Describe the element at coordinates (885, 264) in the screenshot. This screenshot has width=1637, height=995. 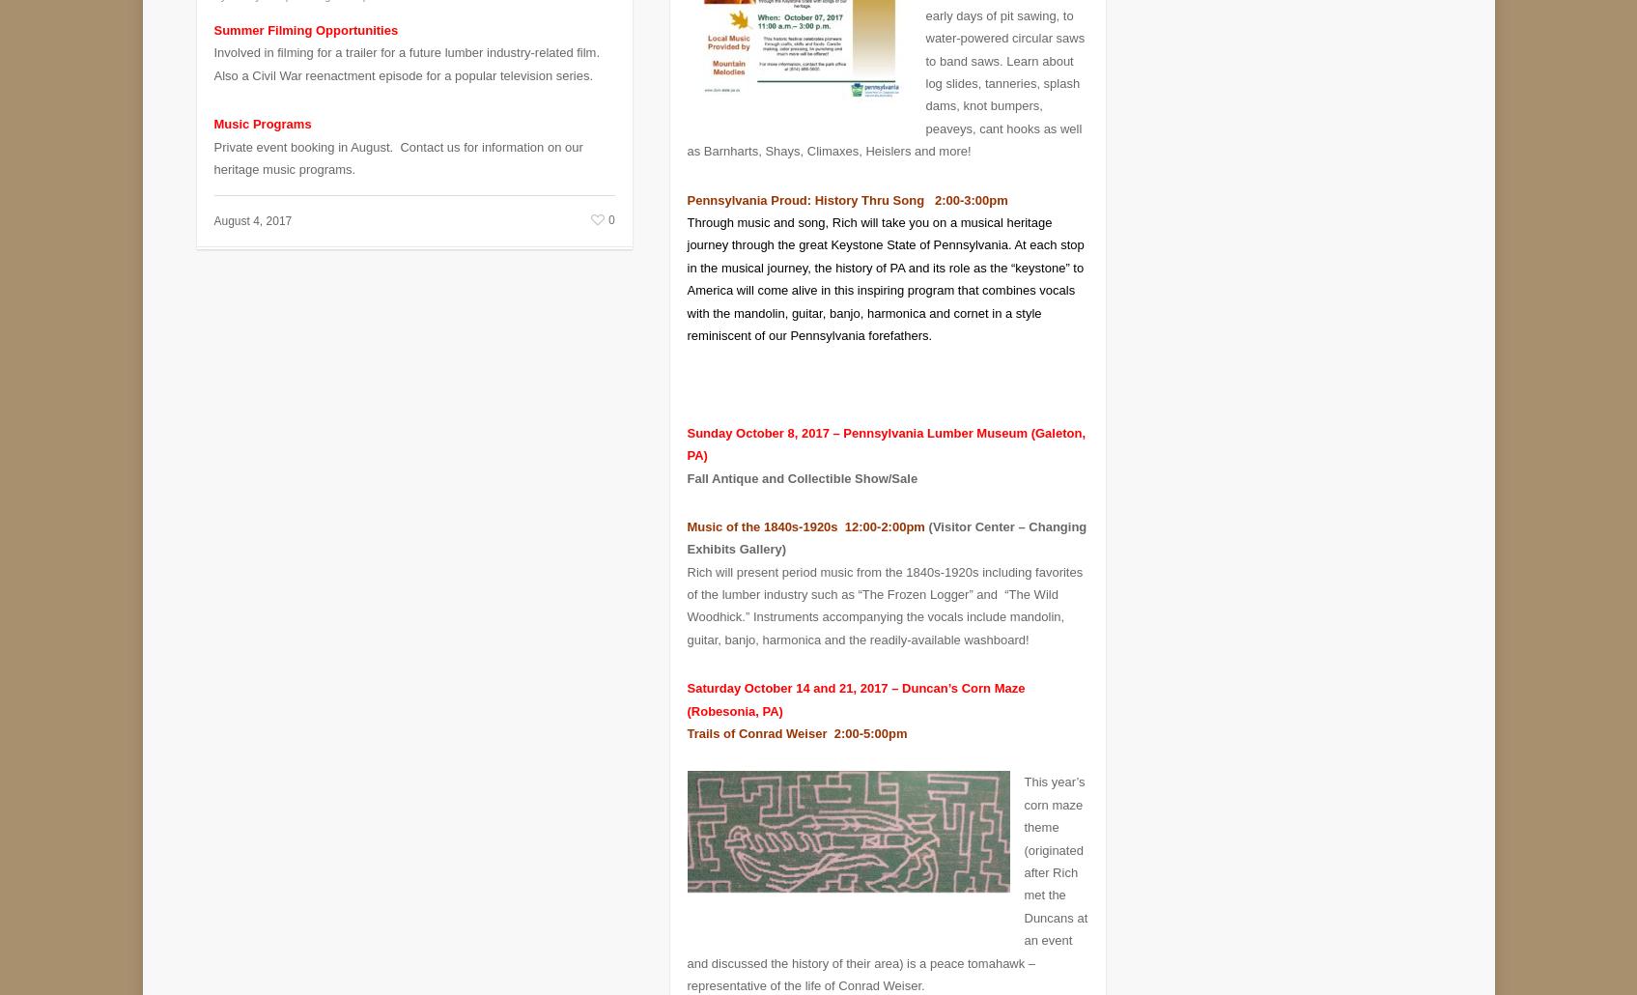
I see `'Through music and song, Rich will take you on a musical heritage journey through the great Keystone State of Pennsylvania. At each stop in the musical journey, the history of PA and its role as the “keystone” to America will come alive in this inspiring program that combines vocals with the mandolin, guitar, banjo, harmonica and cornet in a style reminiscent of our Pennsylvania forefathers.'` at that location.